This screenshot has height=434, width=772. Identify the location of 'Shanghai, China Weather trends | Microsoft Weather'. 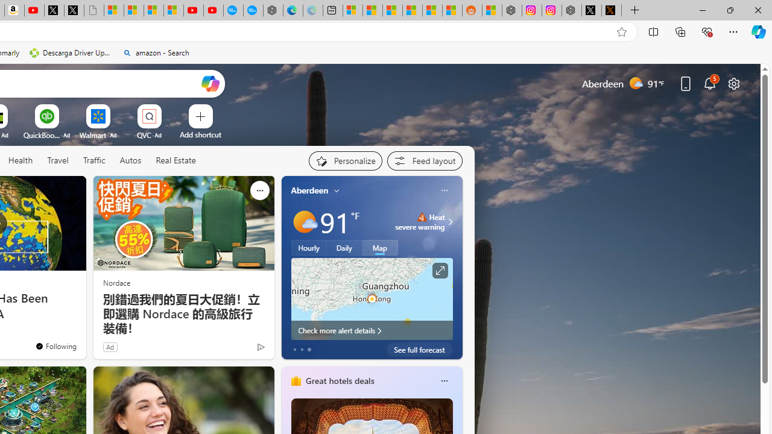
(451, 10).